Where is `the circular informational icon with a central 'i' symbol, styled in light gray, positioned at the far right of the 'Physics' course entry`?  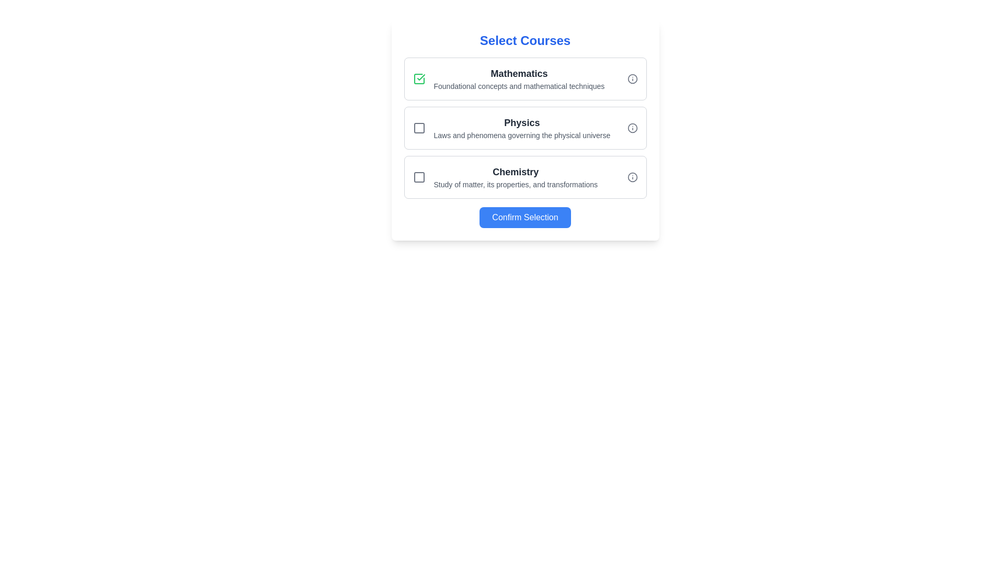 the circular informational icon with a central 'i' symbol, styled in light gray, positioned at the far right of the 'Physics' course entry is located at coordinates (632, 128).